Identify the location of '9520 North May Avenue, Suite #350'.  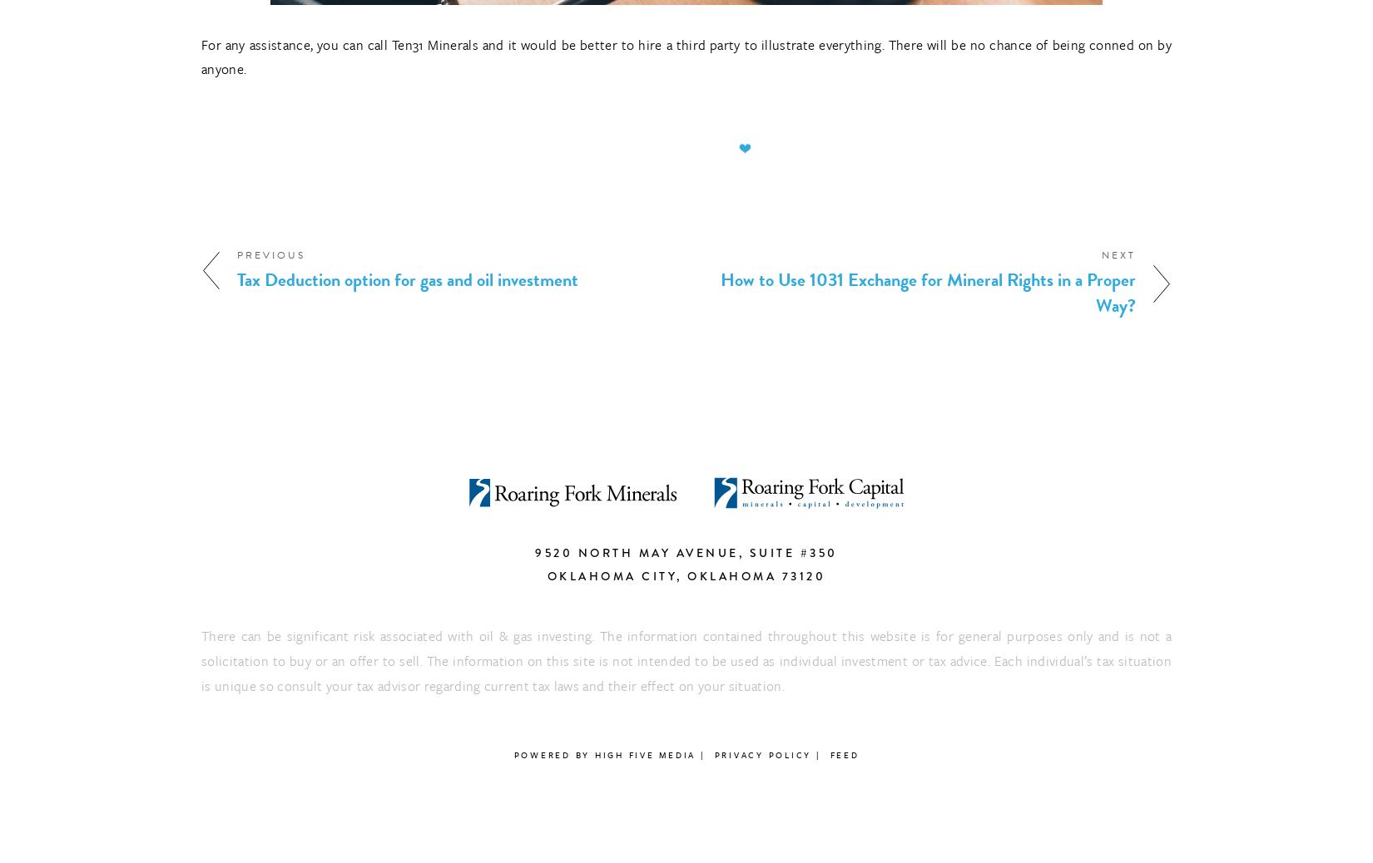
(685, 551).